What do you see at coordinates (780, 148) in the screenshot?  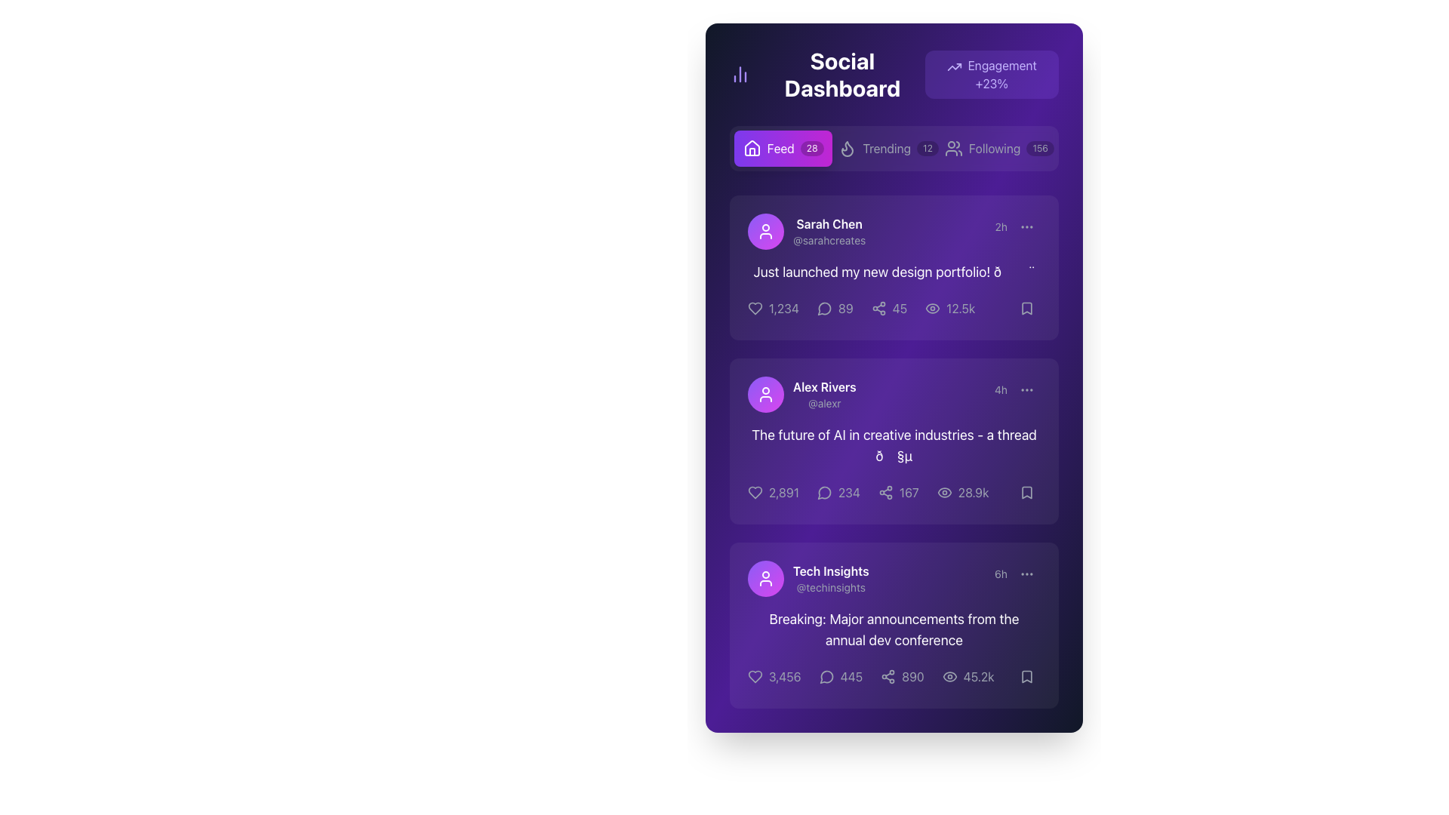 I see `the 'Feed' label within the navigation button on the dashboard interface` at bounding box center [780, 148].